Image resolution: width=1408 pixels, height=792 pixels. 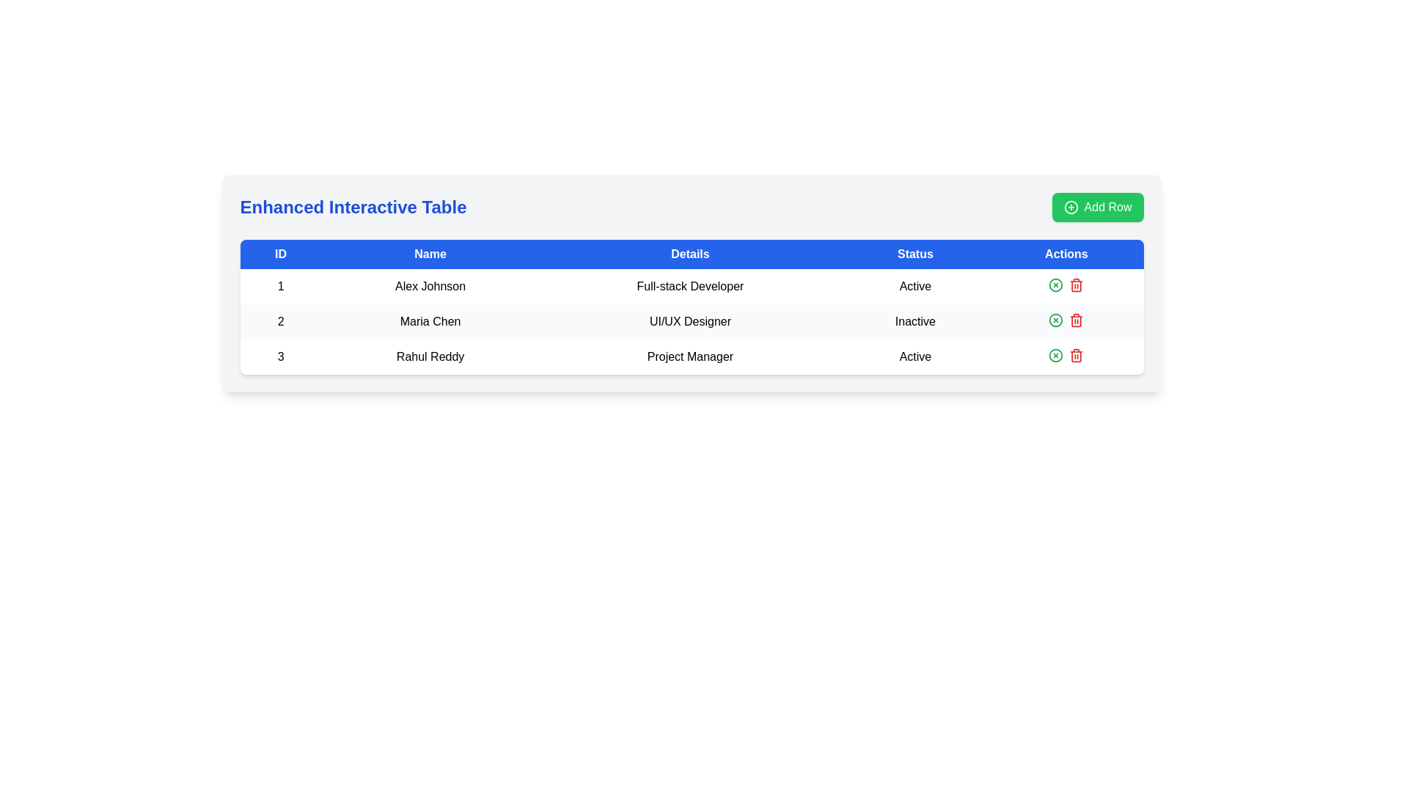 What do you see at coordinates (430, 286) in the screenshot?
I see `the text label displaying 'Alex Johnson' in the 'Name' column of the first row of the interactive table` at bounding box center [430, 286].